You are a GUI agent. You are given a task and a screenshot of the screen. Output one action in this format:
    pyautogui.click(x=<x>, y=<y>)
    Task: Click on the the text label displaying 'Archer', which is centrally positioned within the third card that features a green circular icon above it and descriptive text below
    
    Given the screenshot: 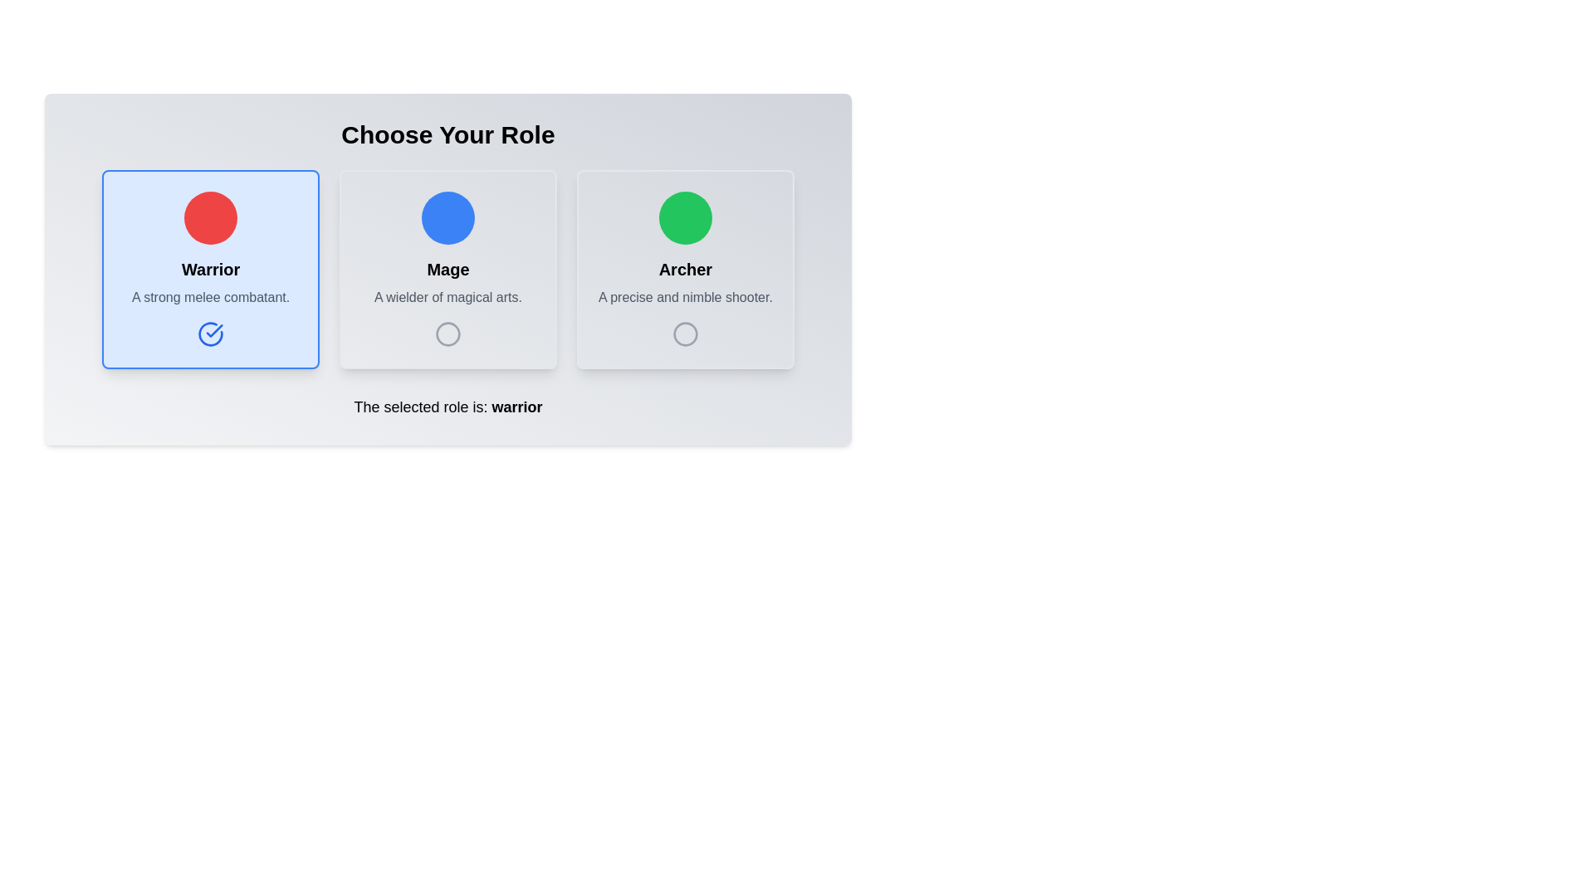 What is the action you would take?
    pyautogui.click(x=685, y=268)
    